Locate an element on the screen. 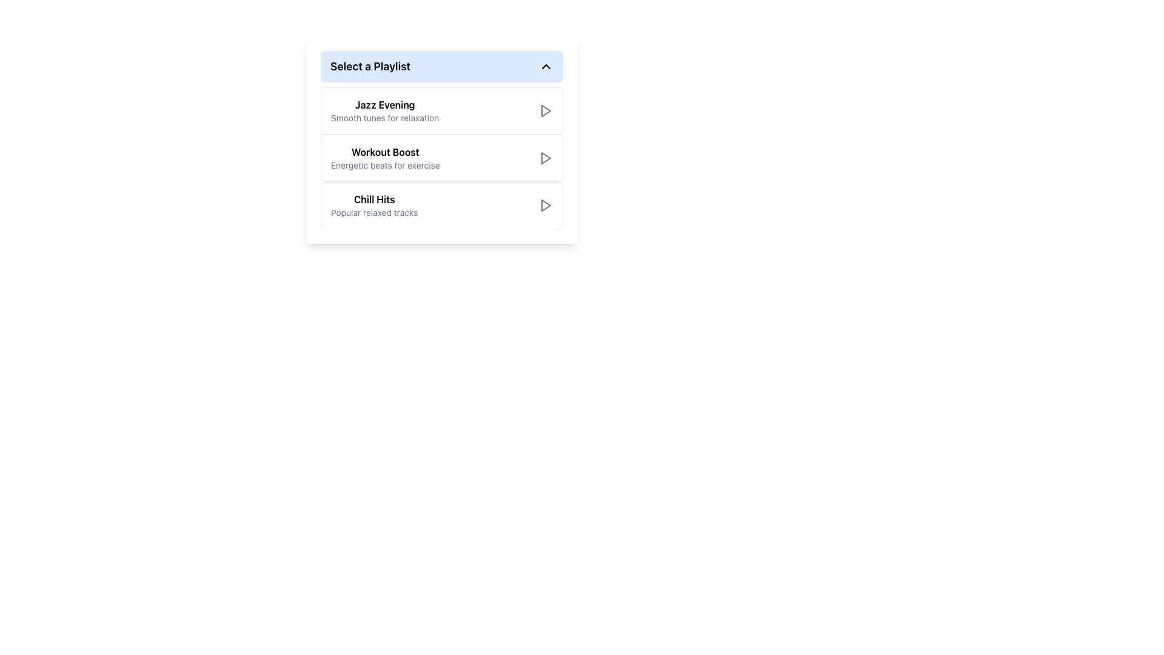  the text label that displays 'Energetic beats for exercise', located under the 'Workout Boost' title in the second card of the playlist selection list is located at coordinates (384, 166).